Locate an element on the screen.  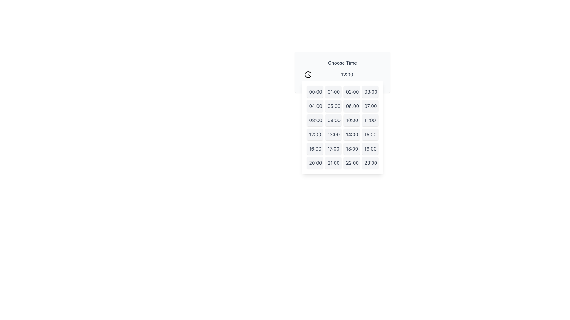
the button labeled '10:00' in the time picker dropdown is located at coordinates (351, 120).